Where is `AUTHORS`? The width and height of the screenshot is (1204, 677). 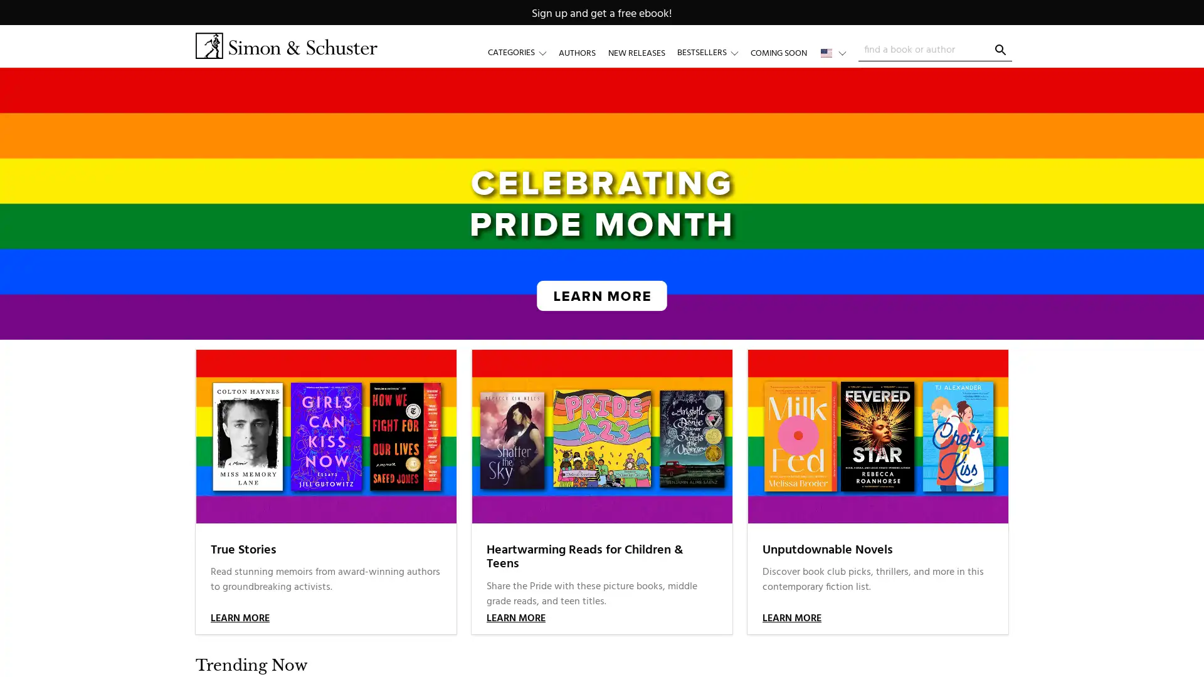
AUTHORS is located at coordinates (576, 52).